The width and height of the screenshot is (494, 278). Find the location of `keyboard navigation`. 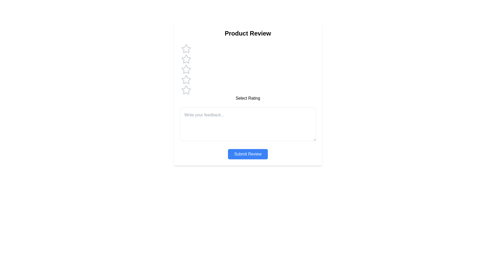

keyboard navigation is located at coordinates (186, 90).